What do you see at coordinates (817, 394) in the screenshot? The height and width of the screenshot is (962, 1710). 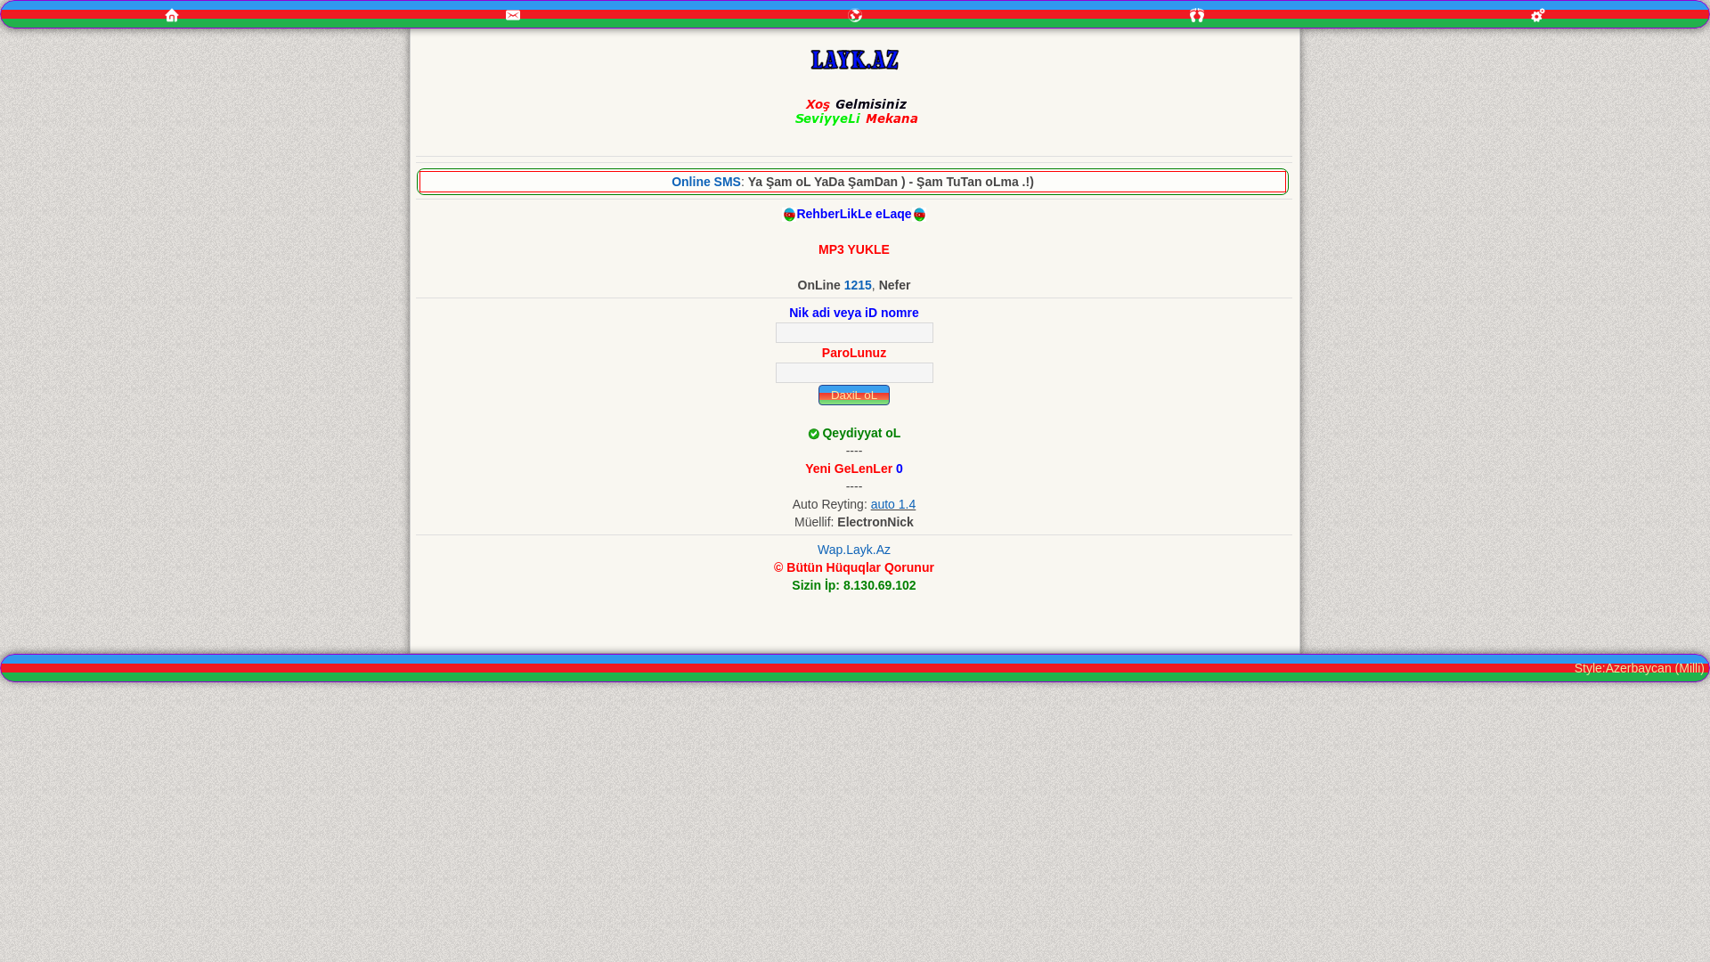 I see `'DaxiL oL'` at bounding box center [817, 394].